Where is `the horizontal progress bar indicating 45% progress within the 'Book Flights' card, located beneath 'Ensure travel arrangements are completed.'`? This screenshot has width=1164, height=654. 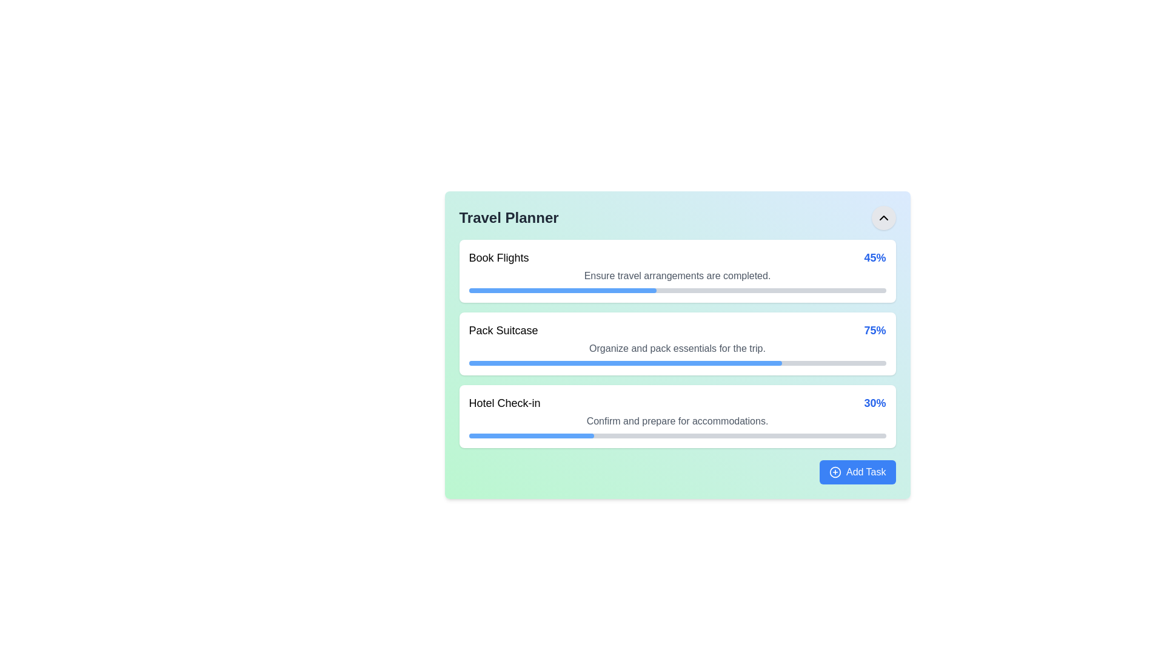 the horizontal progress bar indicating 45% progress within the 'Book Flights' card, located beneath 'Ensure travel arrangements are completed.' is located at coordinates (677, 290).